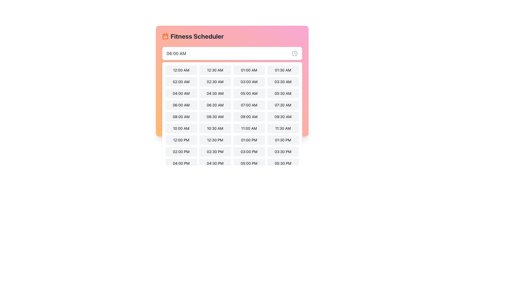  Describe the element at coordinates (283, 105) in the screenshot. I see `the button representing the '07:30 AM' time slot in the scheduler interface` at that location.